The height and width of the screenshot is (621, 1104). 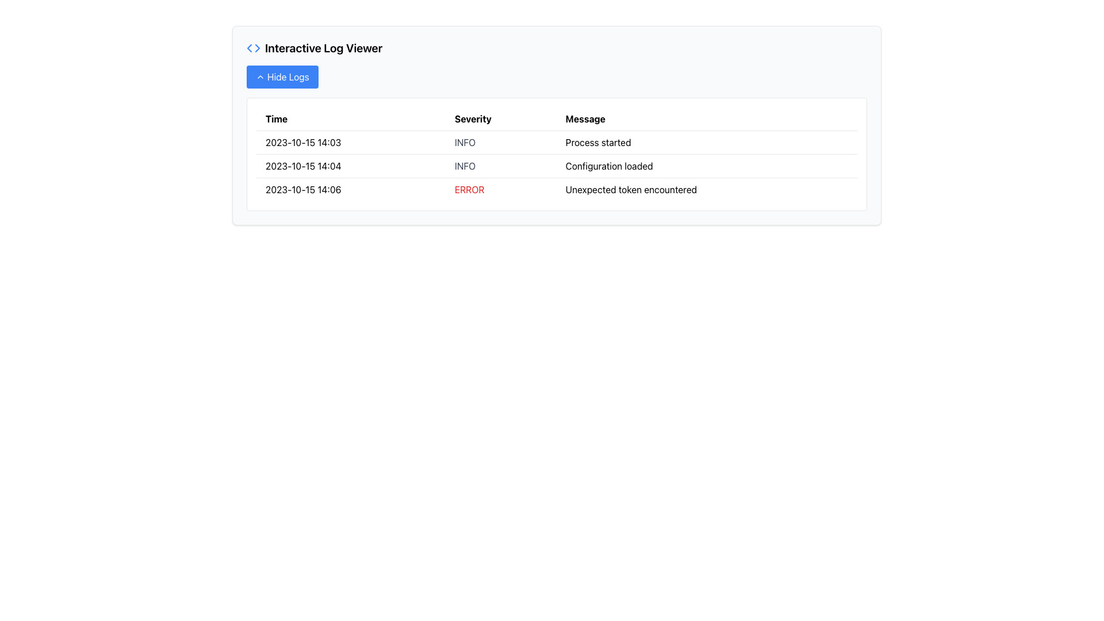 What do you see at coordinates (282, 77) in the screenshot?
I see `the 'Hide Logs' button, which is a blue rectangular button with rounded corners, containing white text and an upward-pointing chevron icon` at bounding box center [282, 77].